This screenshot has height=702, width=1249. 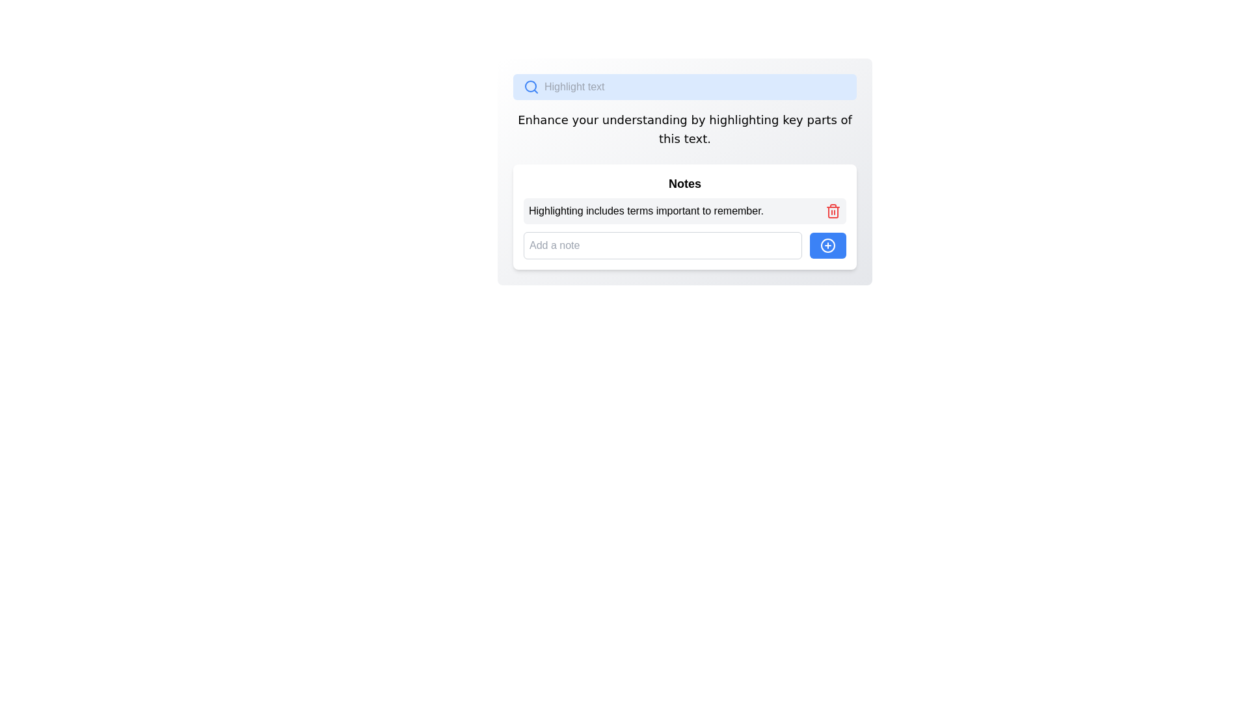 I want to click on the letter 'r' at the end of the word 'parts' in the sentence 'Enhance your understanding by highlighting key parts of this text.', so click(x=823, y=120).